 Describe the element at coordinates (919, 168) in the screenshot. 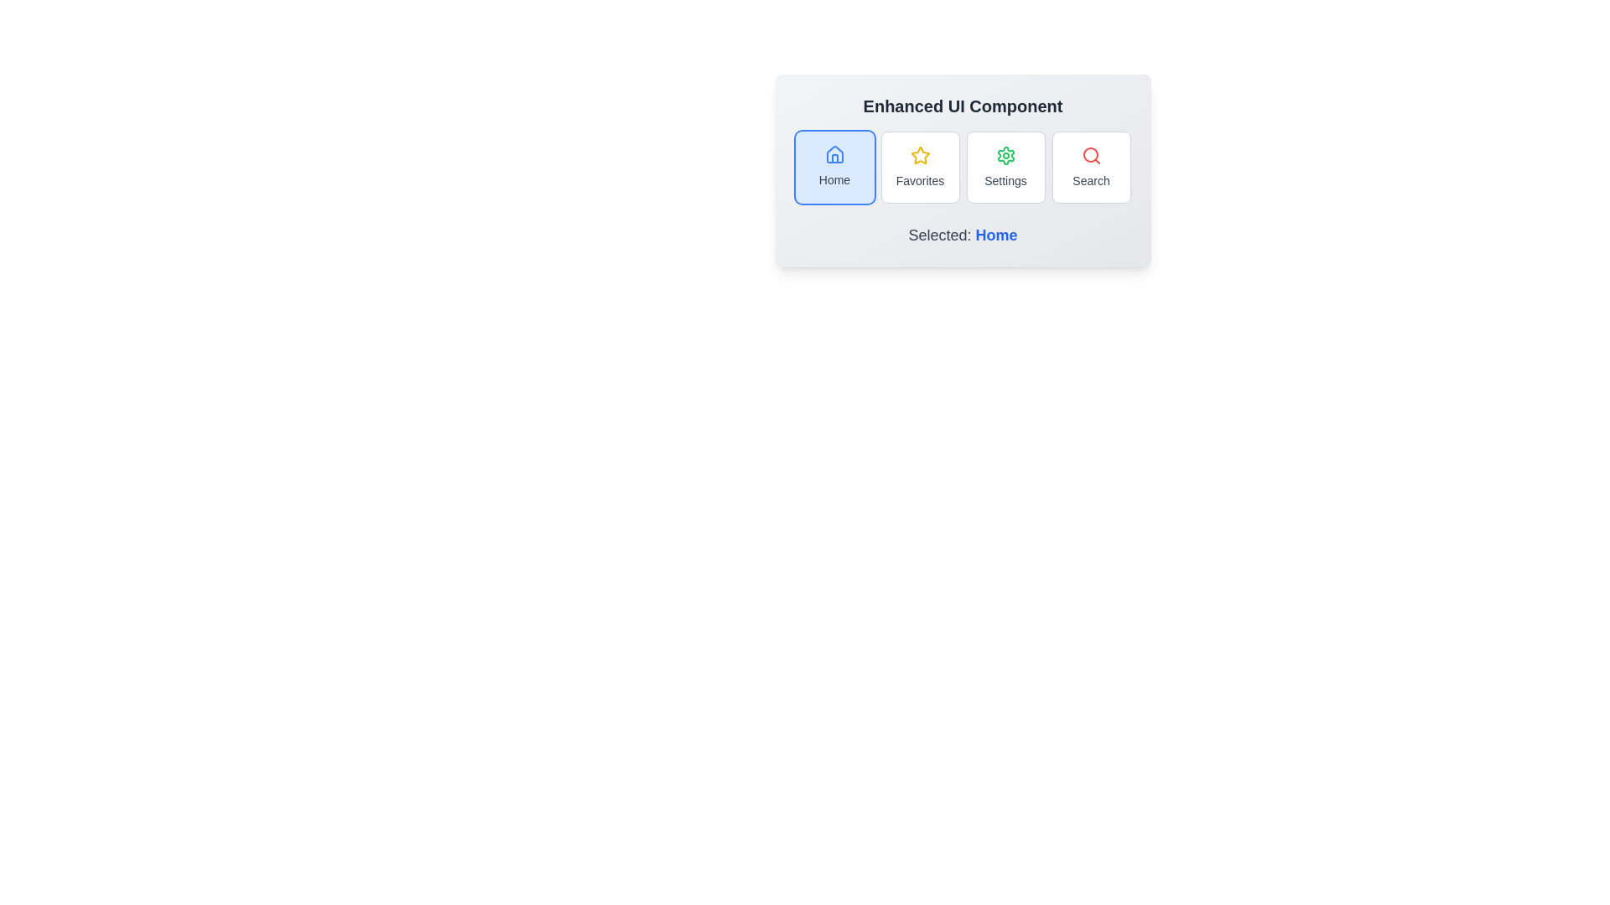

I see `the 'Favorites' button located in the second position of a grid of four buttons, situated to the right of the 'Home' button and to the left of the 'Settings' button` at that location.